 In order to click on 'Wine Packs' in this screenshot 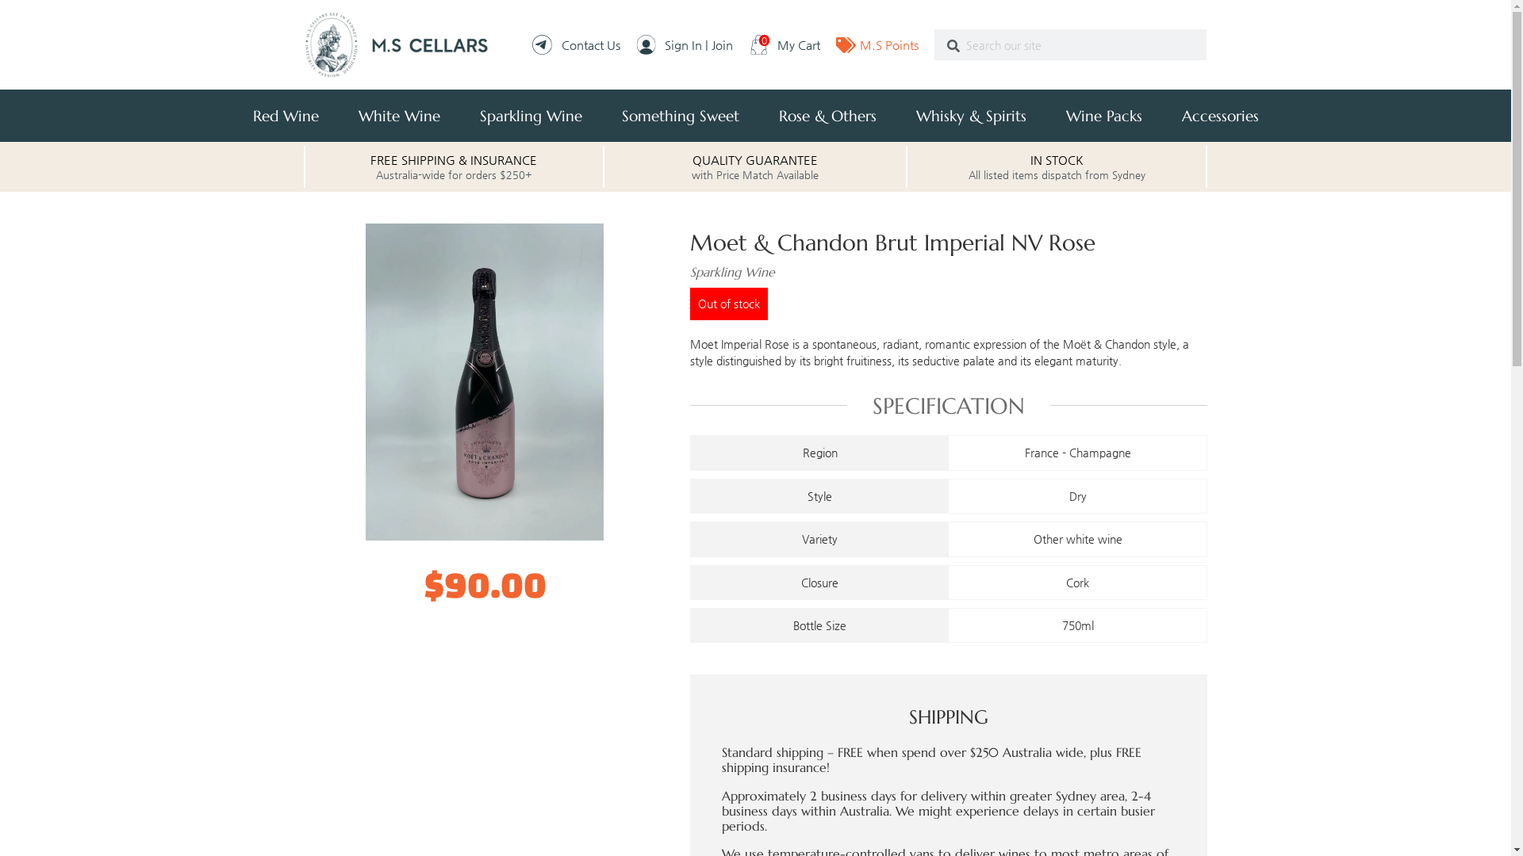, I will do `click(1103, 115)`.